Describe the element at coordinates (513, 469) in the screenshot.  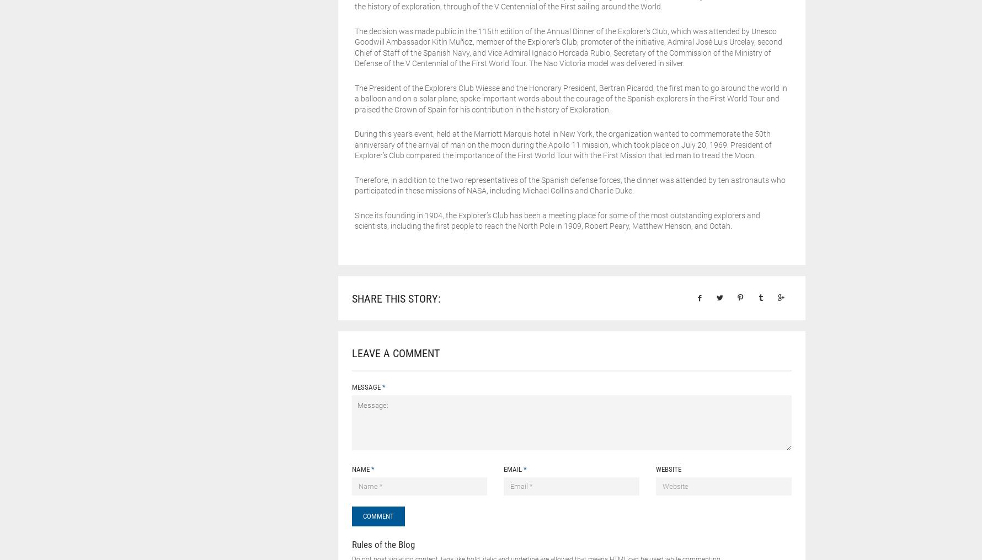
I see `'Email'` at that location.